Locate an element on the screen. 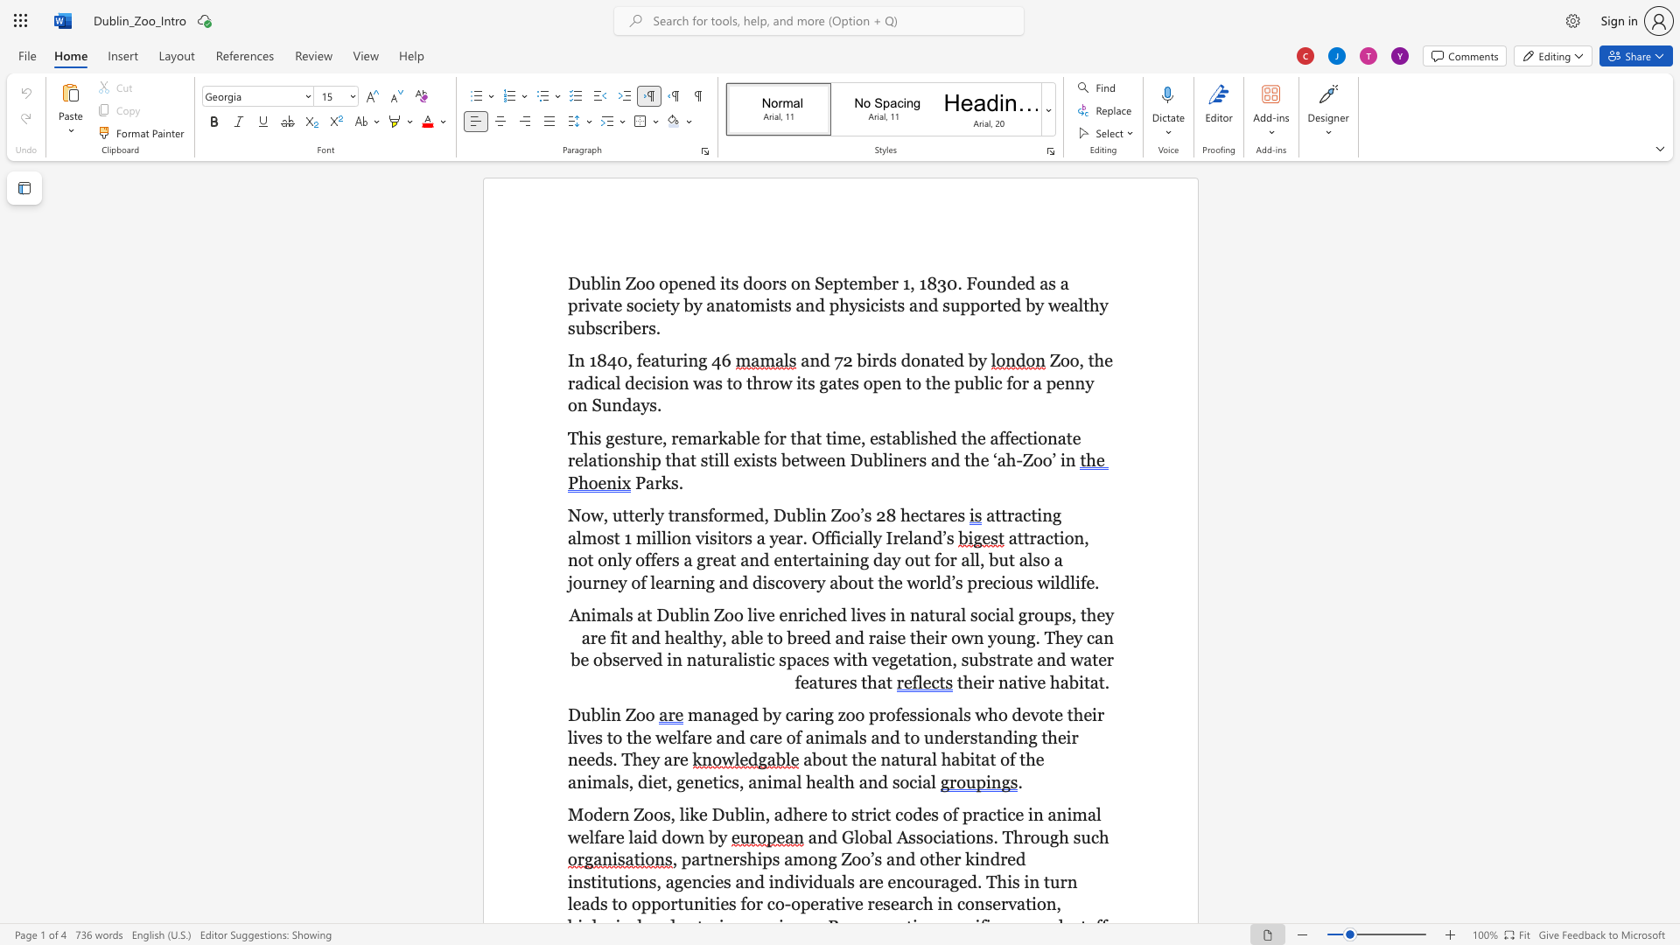  the 2th character "d" in the text is located at coordinates (884, 360).